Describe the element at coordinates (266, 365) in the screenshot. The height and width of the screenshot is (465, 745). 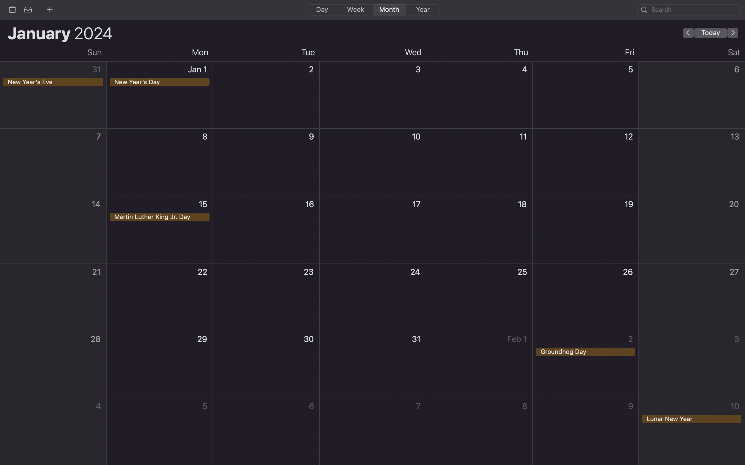
I see `Start the process to arrange an event on 30th of the month` at that location.